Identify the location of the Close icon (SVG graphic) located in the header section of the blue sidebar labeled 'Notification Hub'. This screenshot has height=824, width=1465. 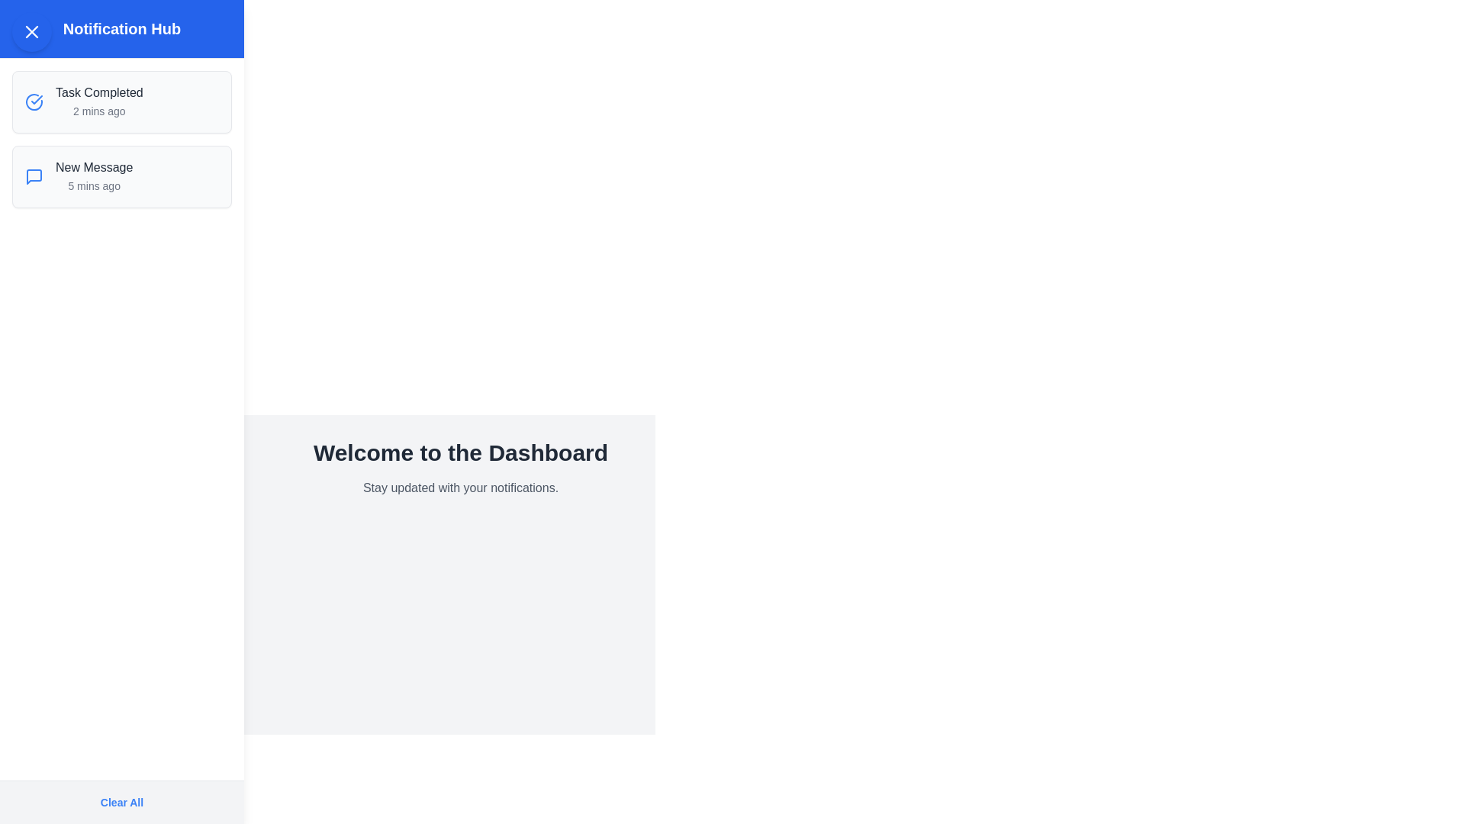
(32, 32).